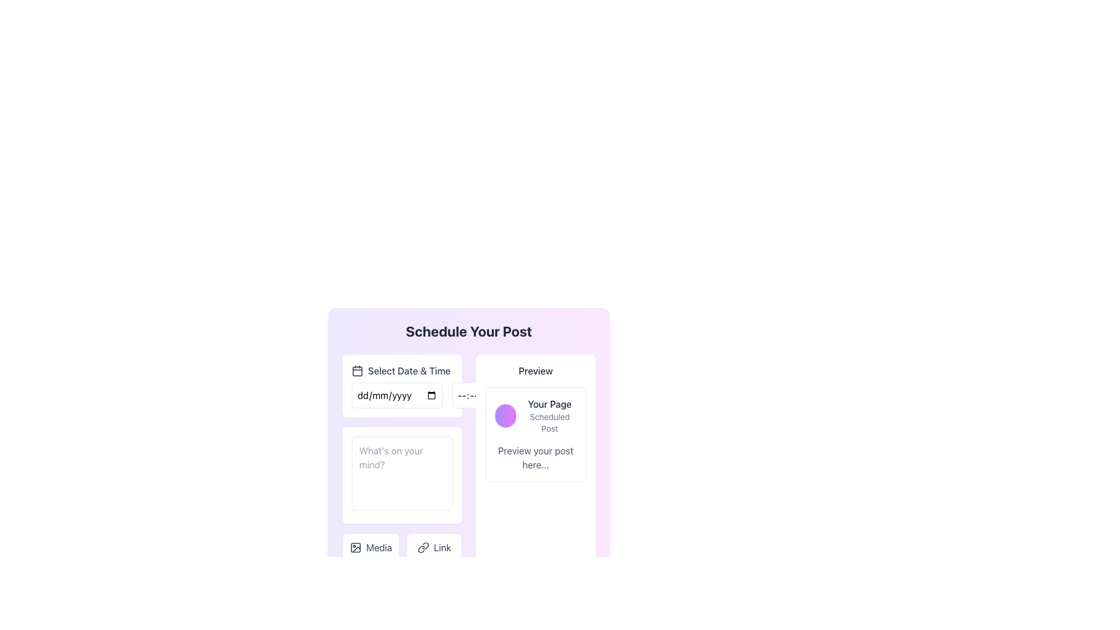 The height and width of the screenshot is (630, 1120). Describe the element at coordinates (355, 547) in the screenshot. I see `the topmost graphical icon component located at the center-bottom of the preview interface` at that location.